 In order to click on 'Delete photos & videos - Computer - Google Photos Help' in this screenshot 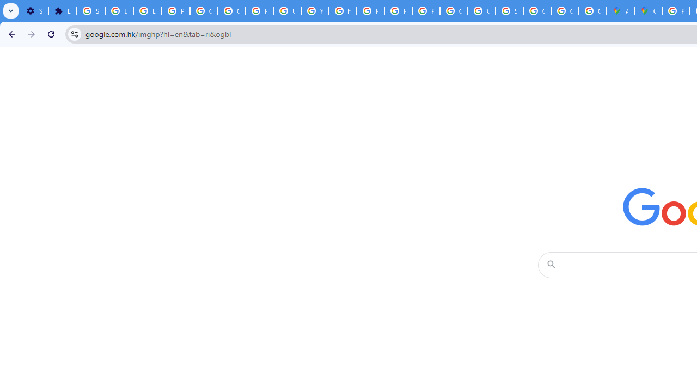, I will do `click(119, 11)`.